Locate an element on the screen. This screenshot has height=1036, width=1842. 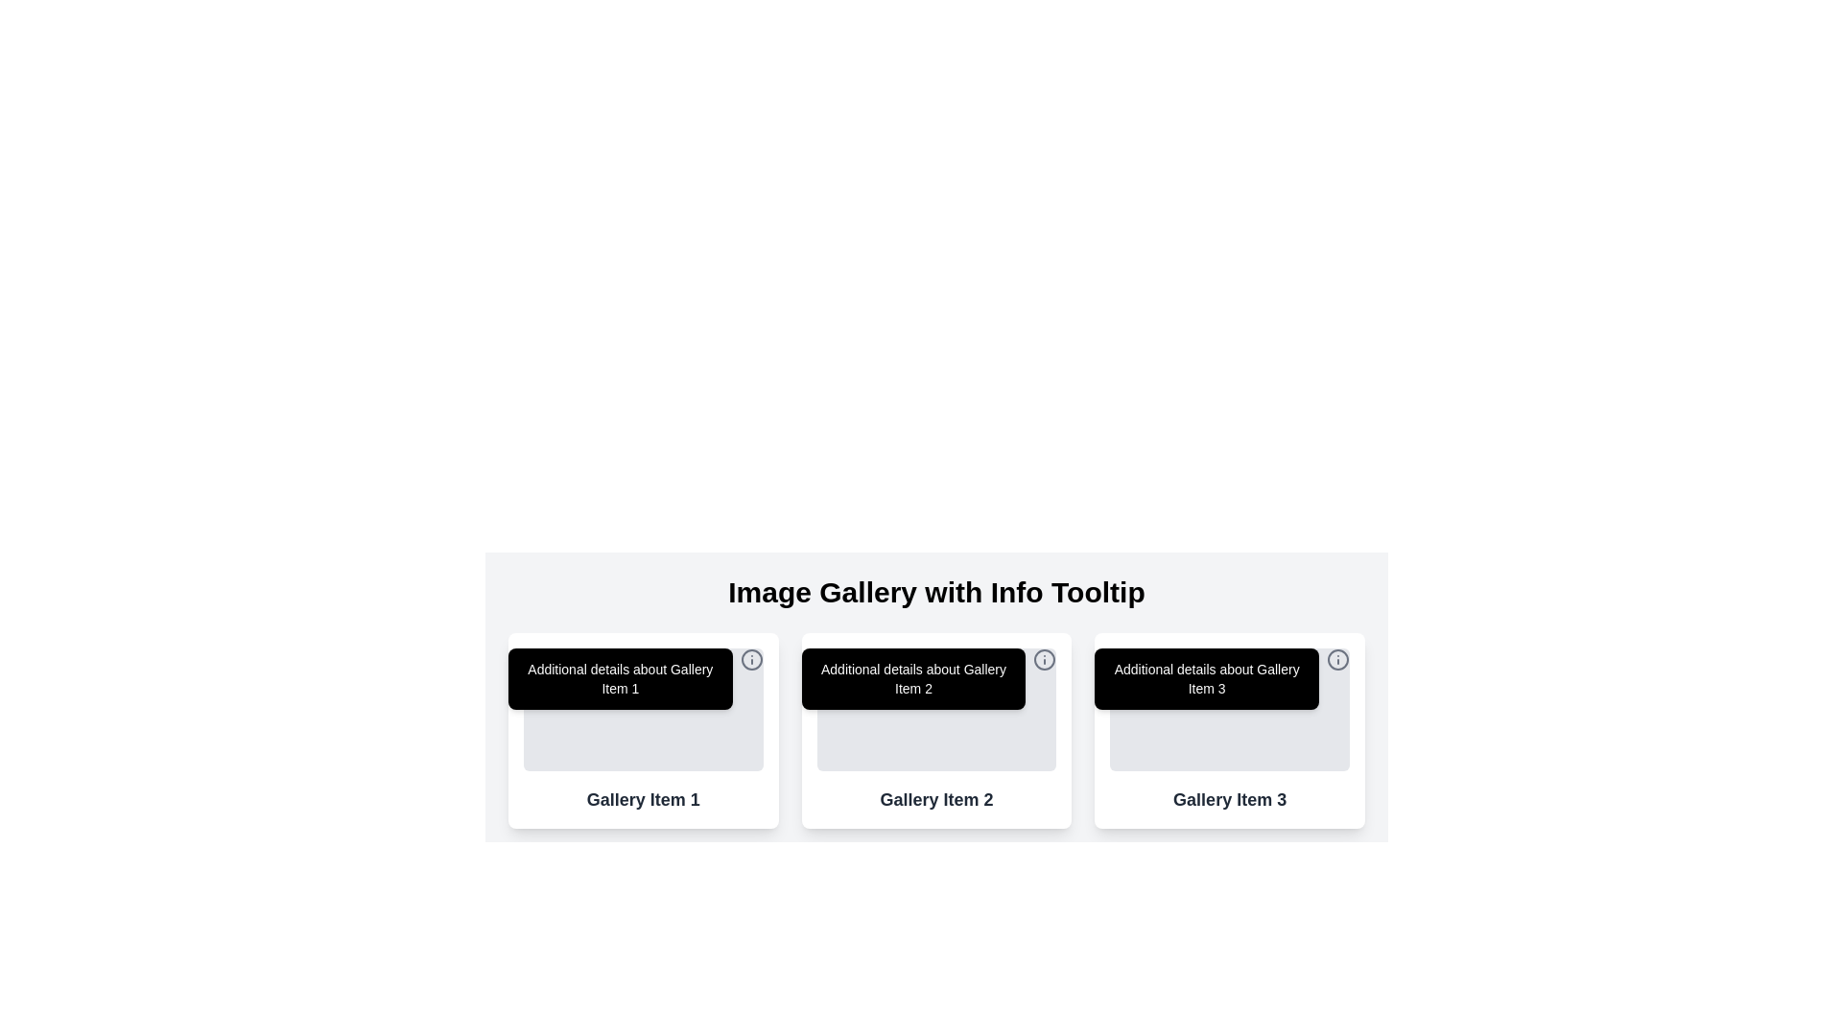
the heading that introduces the gallery section, which is centrally located above the grid of gallery items is located at coordinates (936, 591).